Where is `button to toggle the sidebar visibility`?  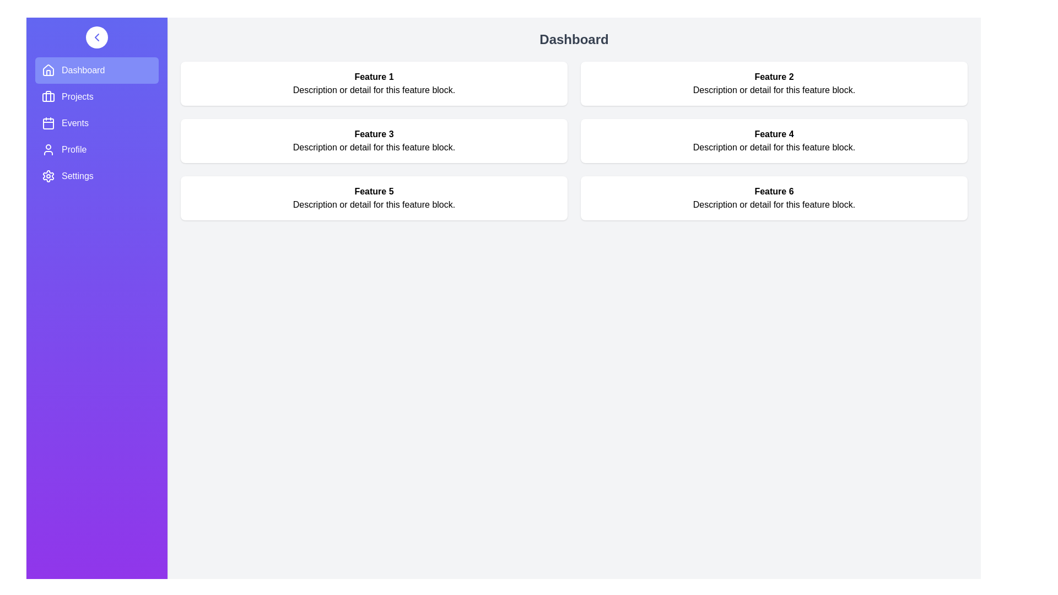 button to toggle the sidebar visibility is located at coordinates (97, 37).